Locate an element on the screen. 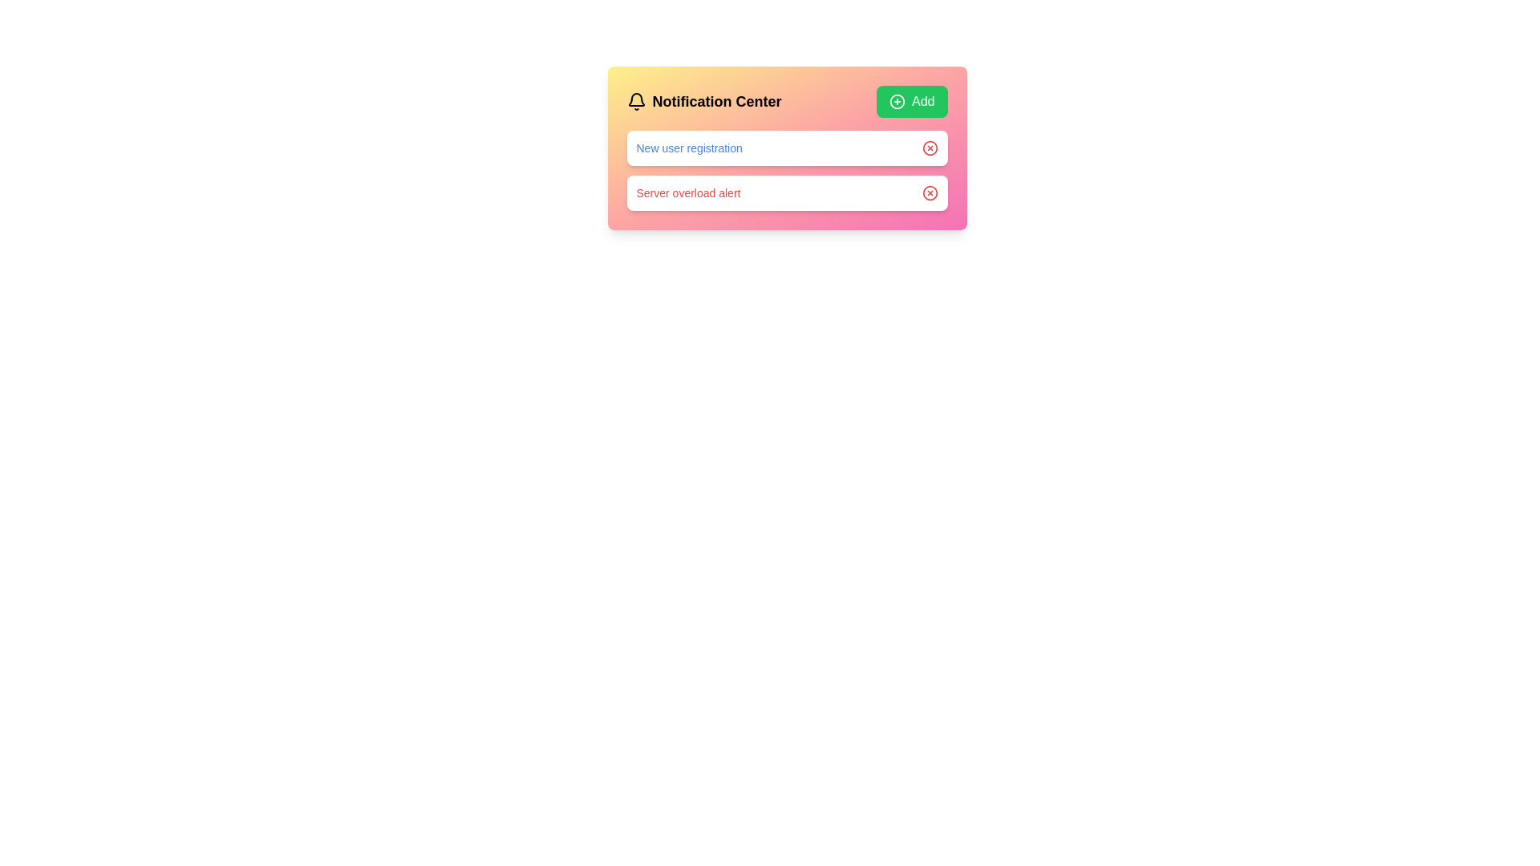  the List of notification items with dismiss buttons located in the Notification Center to scroll through notifications is located at coordinates (787, 170).